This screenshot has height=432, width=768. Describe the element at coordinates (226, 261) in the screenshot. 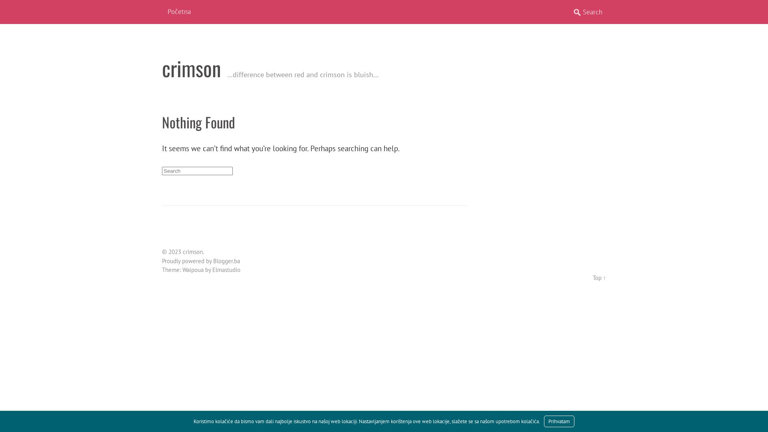

I see `'Blogger.ba'` at that location.